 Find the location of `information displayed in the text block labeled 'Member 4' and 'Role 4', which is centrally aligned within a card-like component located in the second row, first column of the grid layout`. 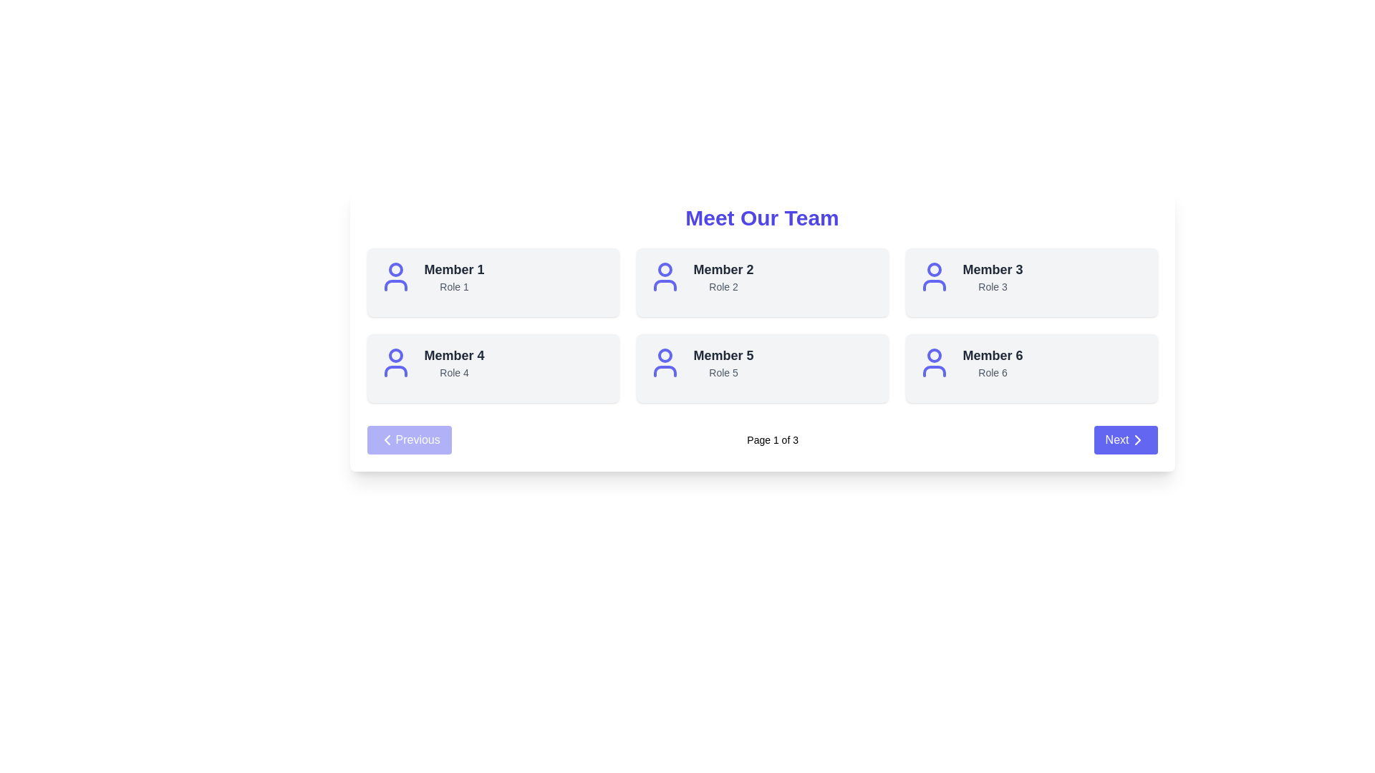

information displayed in the text block labeled 'Member 4' and 'Role 4', which is centrally aligned within a card-like component located in the second row, first column of the grid layout is located at coordinates (453, 361).